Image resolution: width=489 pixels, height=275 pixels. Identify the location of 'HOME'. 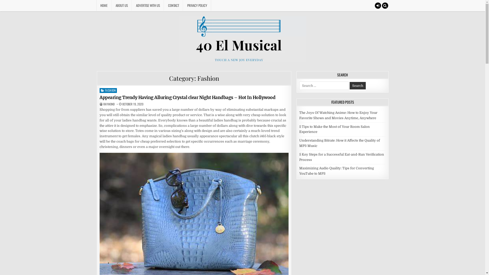
(96, 5).